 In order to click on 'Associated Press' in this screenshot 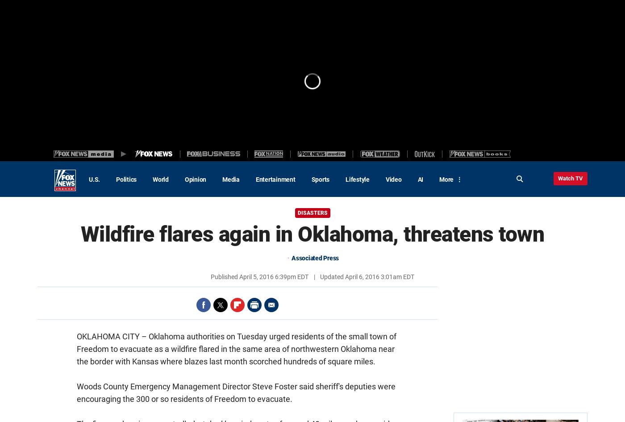, I will do `click(315, 258)`.